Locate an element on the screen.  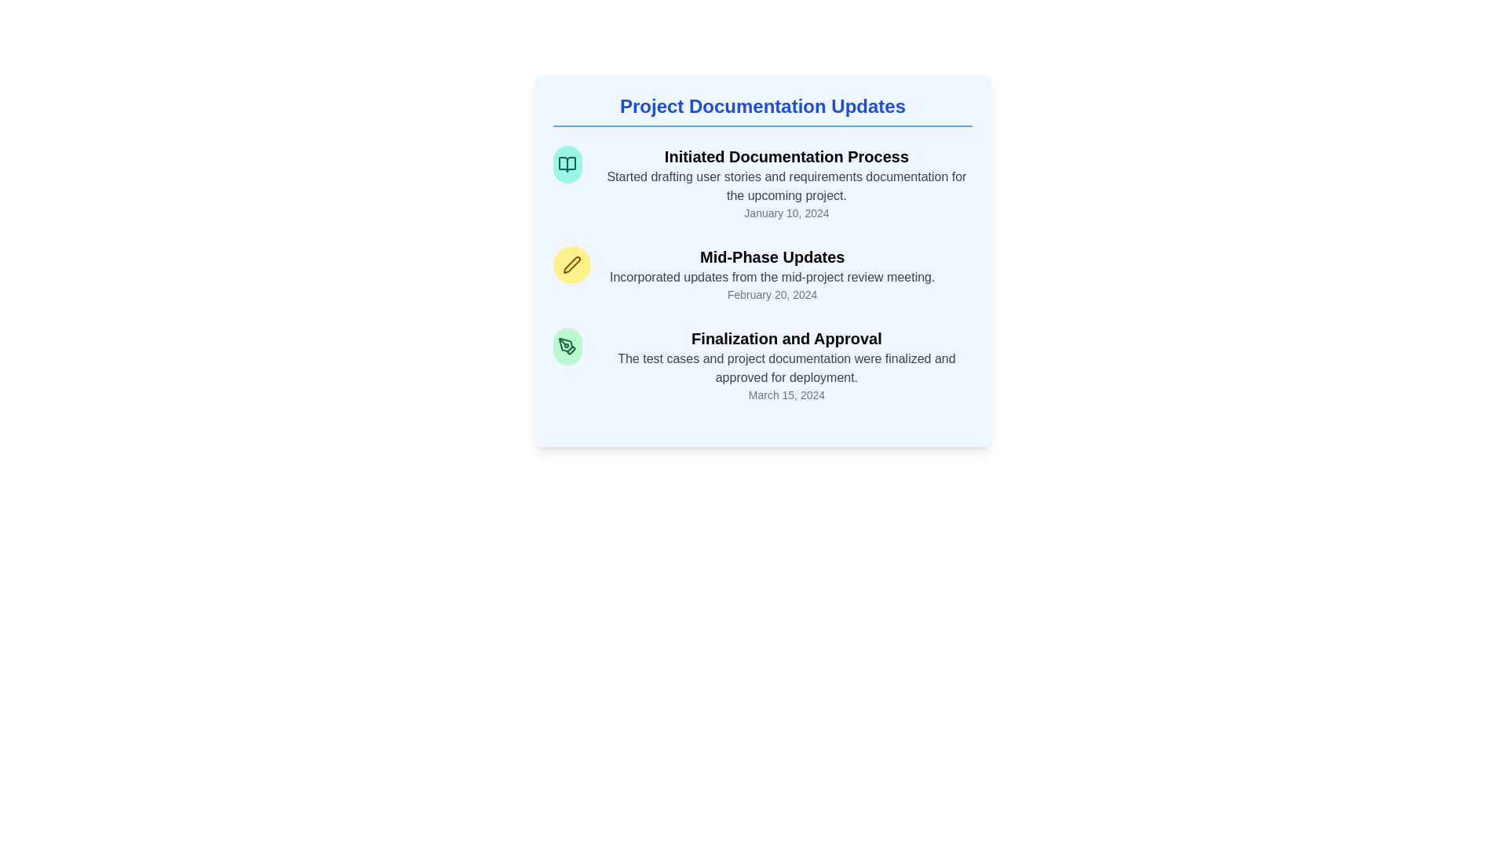
the Timeline entry block titled 'Finalization and Approval', which includes a description of finalization and approval of test cases and project documentation for deployment, and is visually represented with a green leaf icon is located at coordinates (762, 365).